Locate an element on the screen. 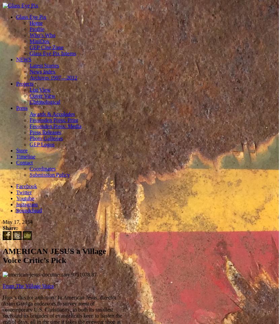 The width and height of the screenshot is (280, 324). 'Profile' is located at coordinates (37, 29).